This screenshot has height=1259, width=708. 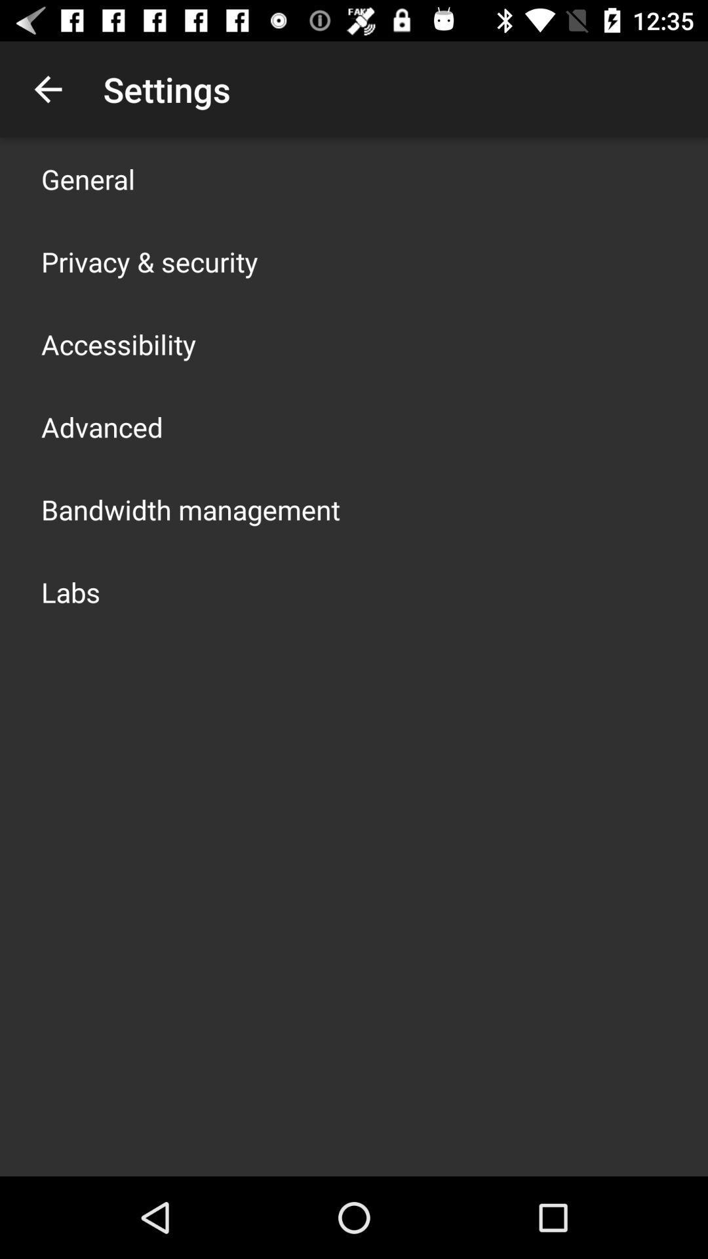 What do you see at coordinates (71, 591) in the screenshot?
I see `the labs` at bounding box center [71, 591].